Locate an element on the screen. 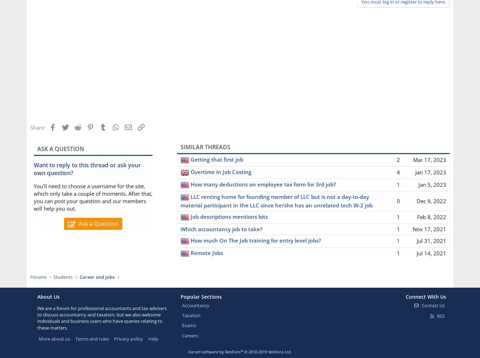 The height and width of the screenshot is (358, 480). 'More about us' is located at coordinates (54, 338).